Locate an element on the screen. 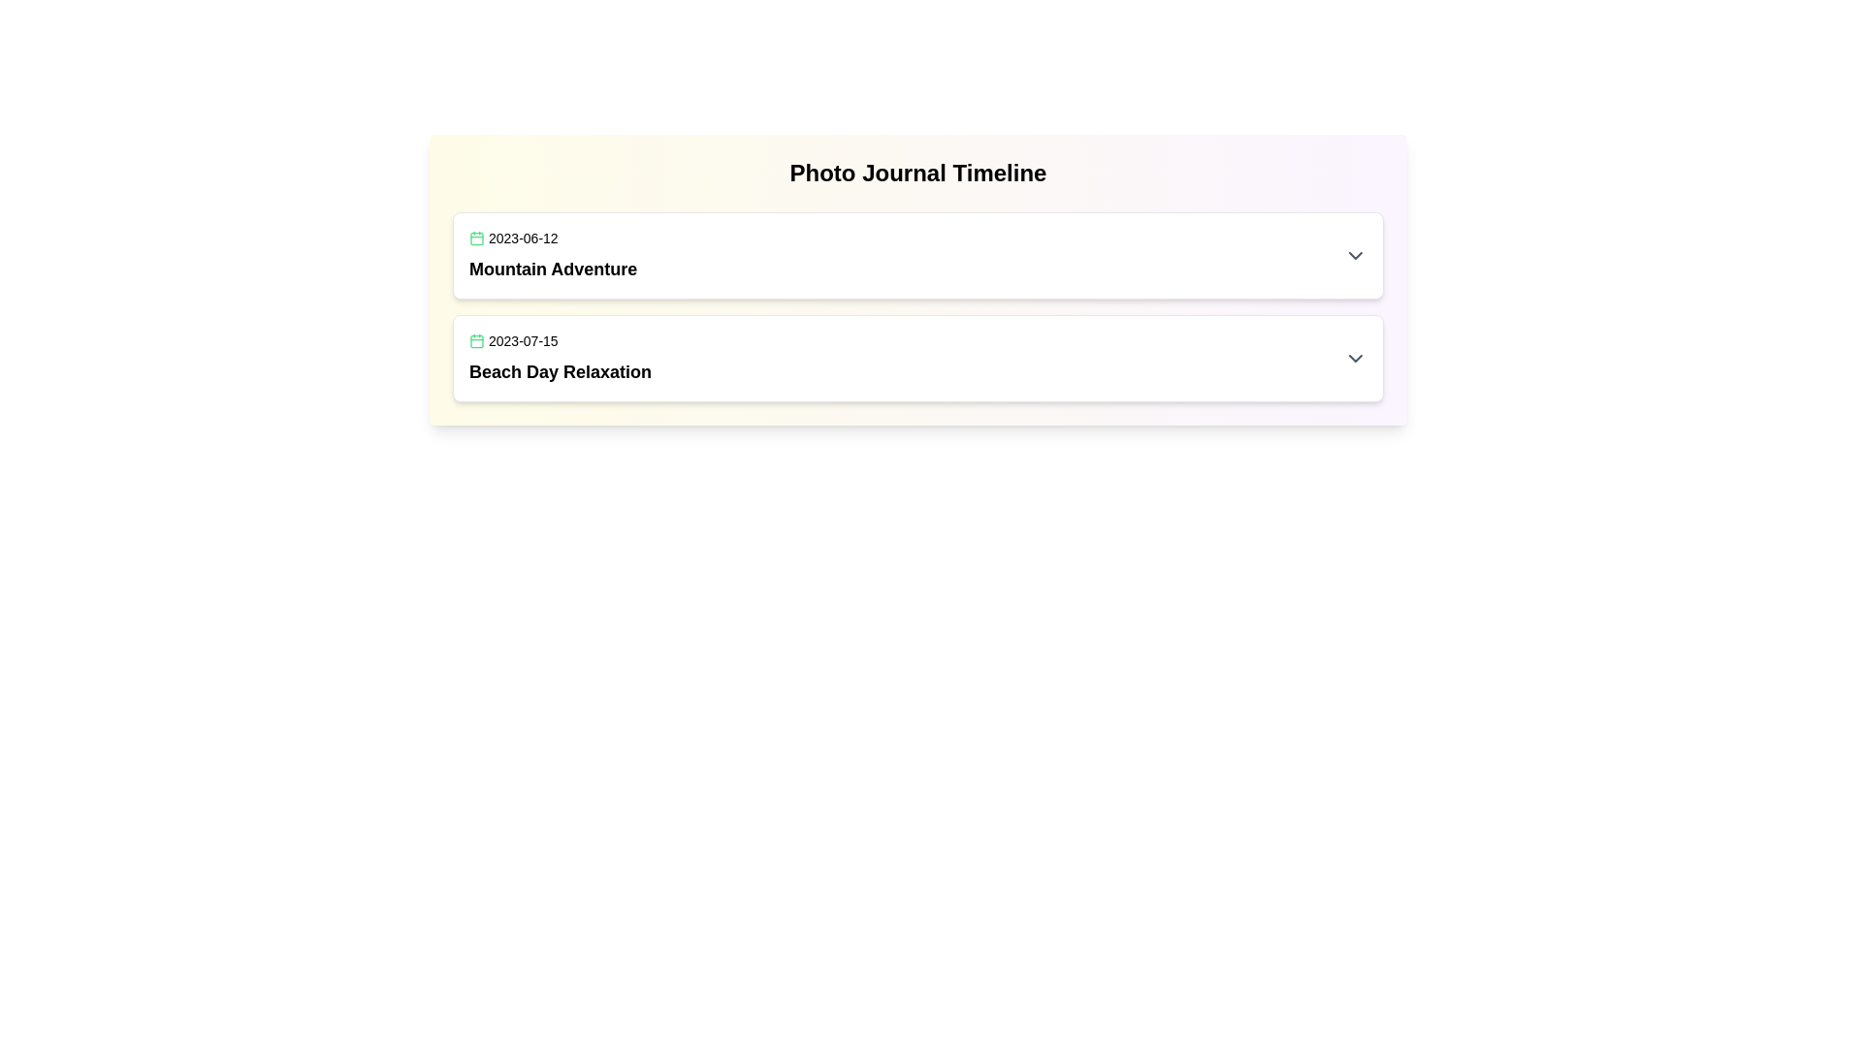  the text label 'Beach Day Relaxation' which is prominently displayed in bold and larger font size, located directly below the date '2023-07-15' in the timeline interface is located at coordinates (560, 372).